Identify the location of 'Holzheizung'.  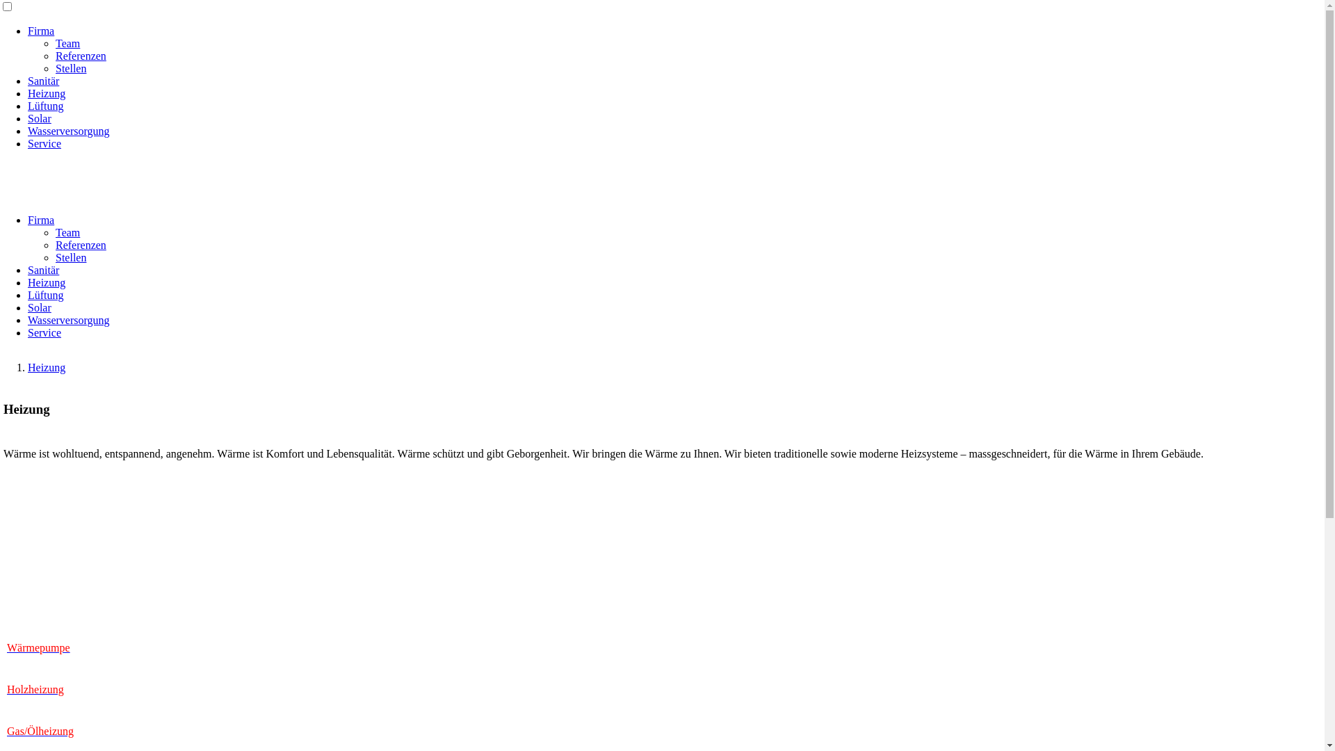
(35, 689).